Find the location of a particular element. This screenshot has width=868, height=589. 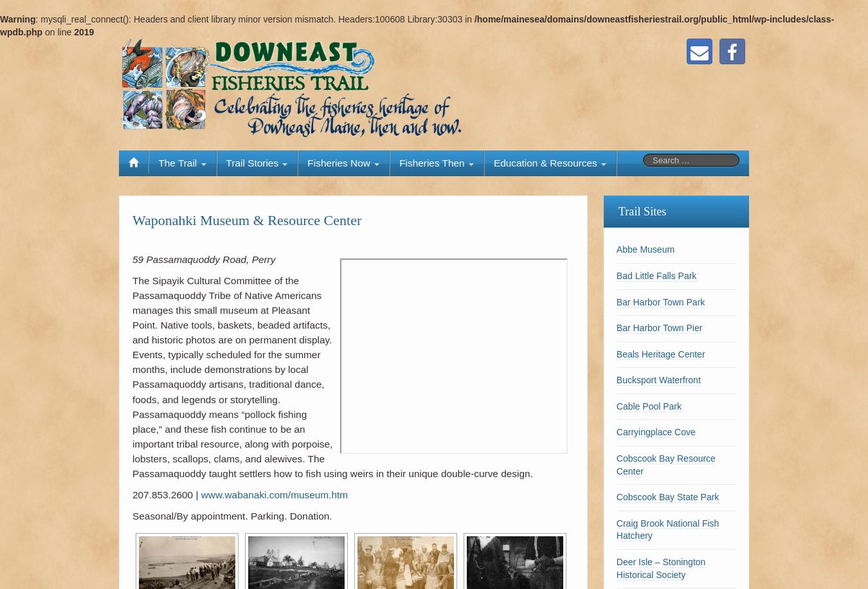

'The Sipayik Cultural Committee of the Passamaquoddy Tribe of Native Americans manages this small museum at Pleasant Point. Native tools, baskets, beaded artifacts, and historic photos are on permanent display. Events, typically scheduled for the summer months, include demonstrations by local Passamaquoddy artisans, traditional dance, foods, and legends or storytelling. Passamaquoddy means “pollock fishing place,” and these fish continue to be an important tribal resource, along with porpoise, lobsters, scallops, clams, and alewives. The Passamaquoddy taught settlers how to fish using weirs in their unique double-curve design.' is located at coordinates (132, 376).